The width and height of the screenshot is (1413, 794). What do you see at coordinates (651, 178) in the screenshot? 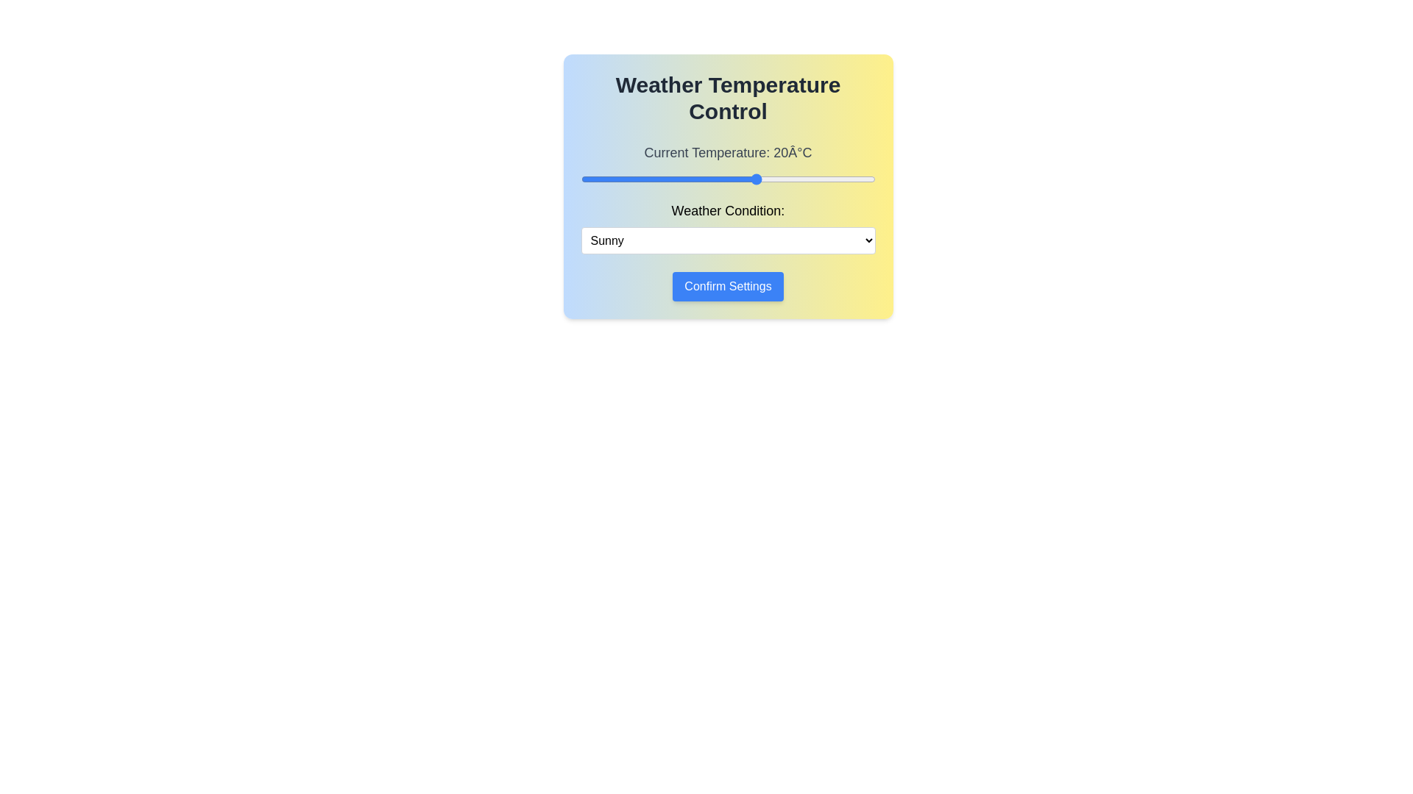
I see `the temperature slider to set the temperature to 2°C` at bounding box center [651, 178].